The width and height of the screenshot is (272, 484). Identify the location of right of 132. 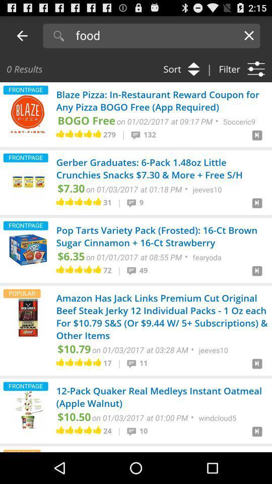
(257, 136).